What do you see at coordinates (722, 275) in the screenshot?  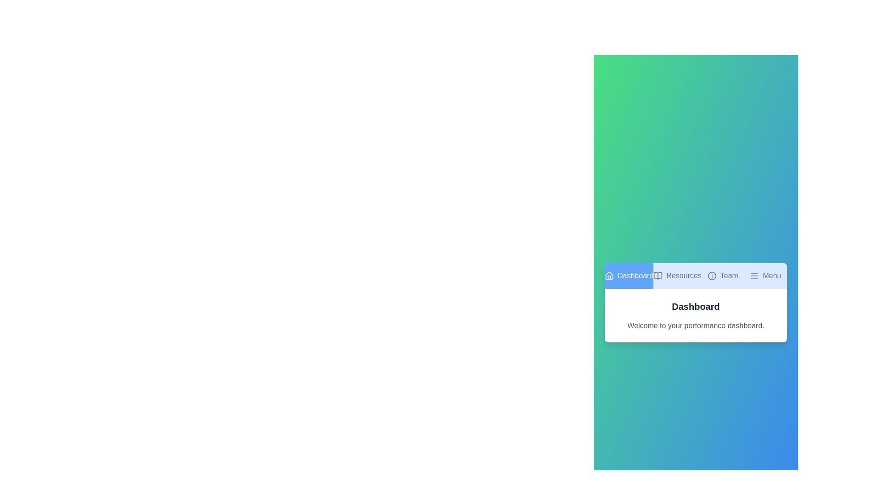 I see `the tab Team by clicking on its corresponding button` at bounding box center [722, 275].